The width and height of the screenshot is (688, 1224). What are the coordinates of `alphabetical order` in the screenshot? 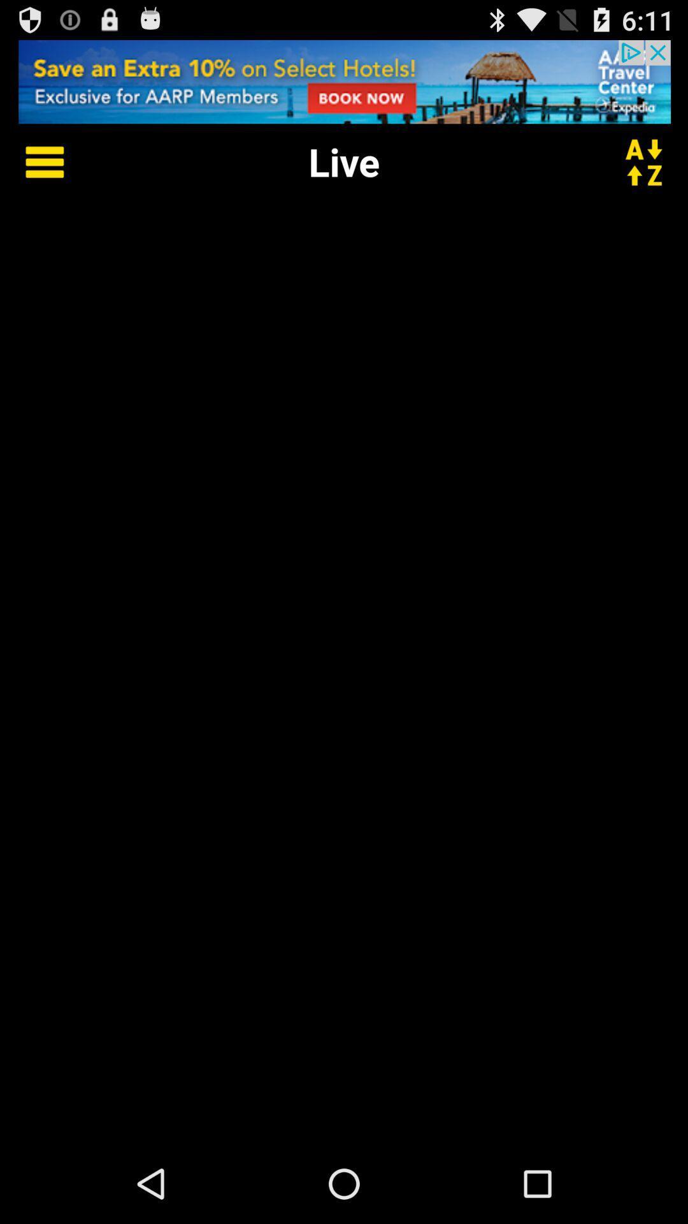 It's located at (652, 161).